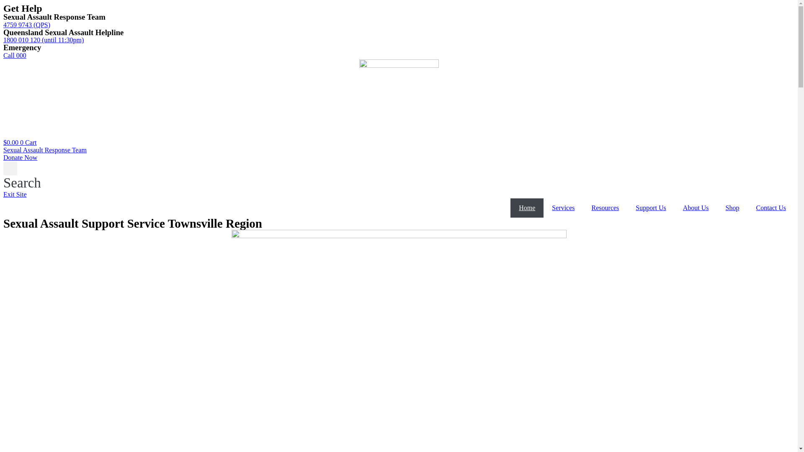 Image resolution: width=804 pixels, height=452 pixels. I want to click on '$0.00 0 Cart', so click(3, 142).